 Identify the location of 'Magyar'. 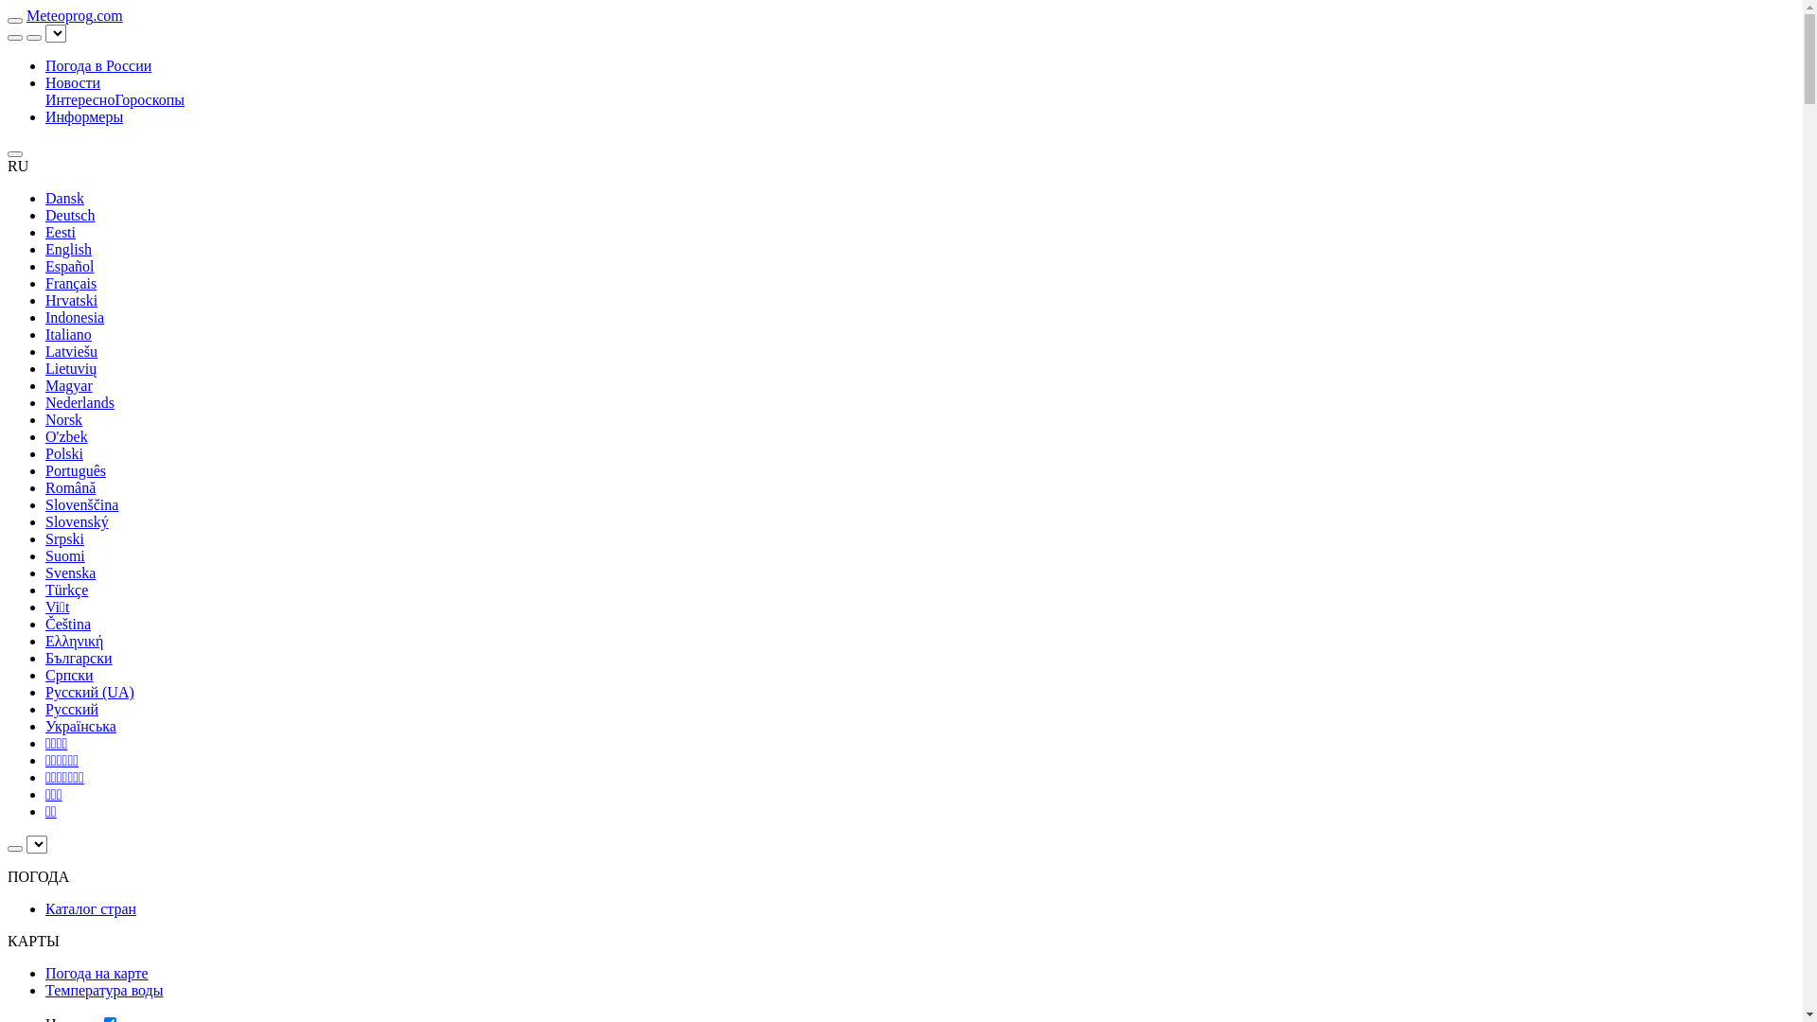
(68, 384).